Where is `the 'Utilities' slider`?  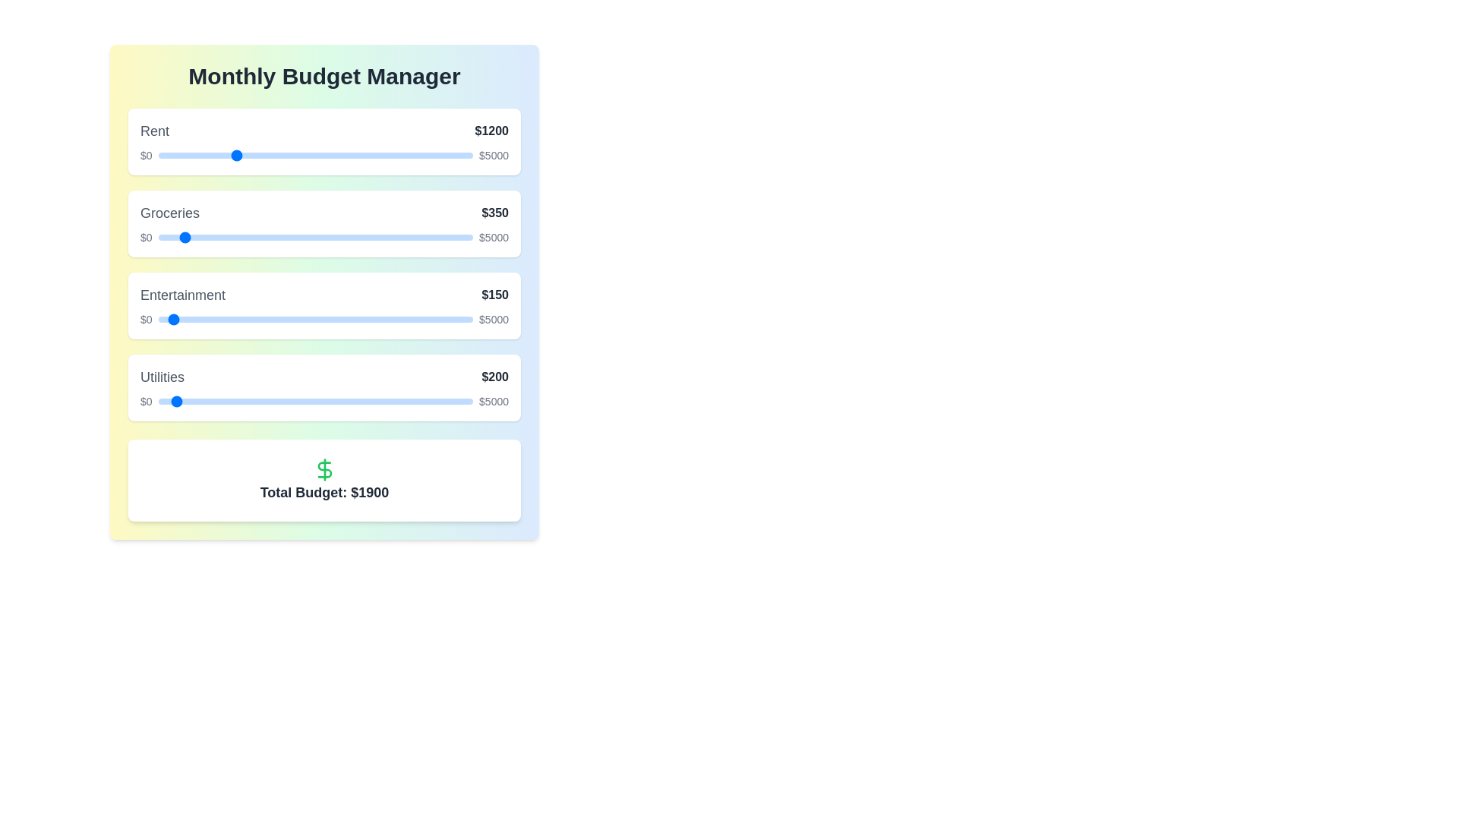 the 'Utilities' slider is located at coordinates (355, 400).